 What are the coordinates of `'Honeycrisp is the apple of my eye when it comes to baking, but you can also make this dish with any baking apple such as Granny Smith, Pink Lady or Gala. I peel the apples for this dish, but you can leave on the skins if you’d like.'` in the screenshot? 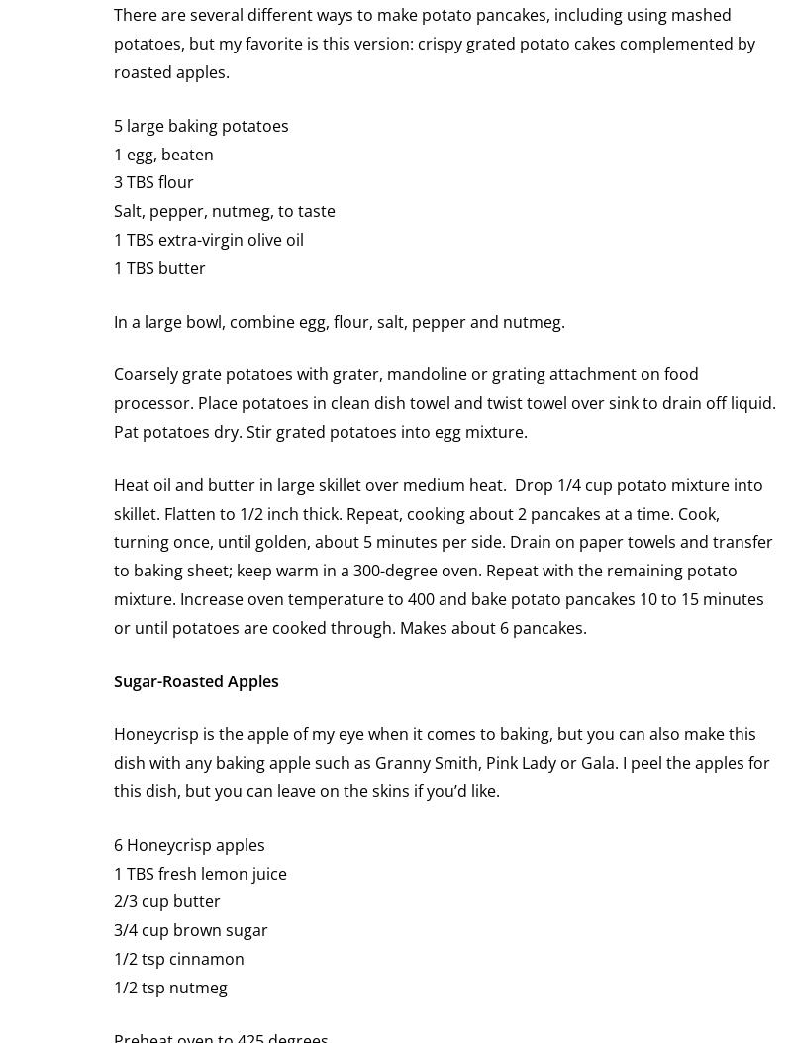 It's located at (441, 762).